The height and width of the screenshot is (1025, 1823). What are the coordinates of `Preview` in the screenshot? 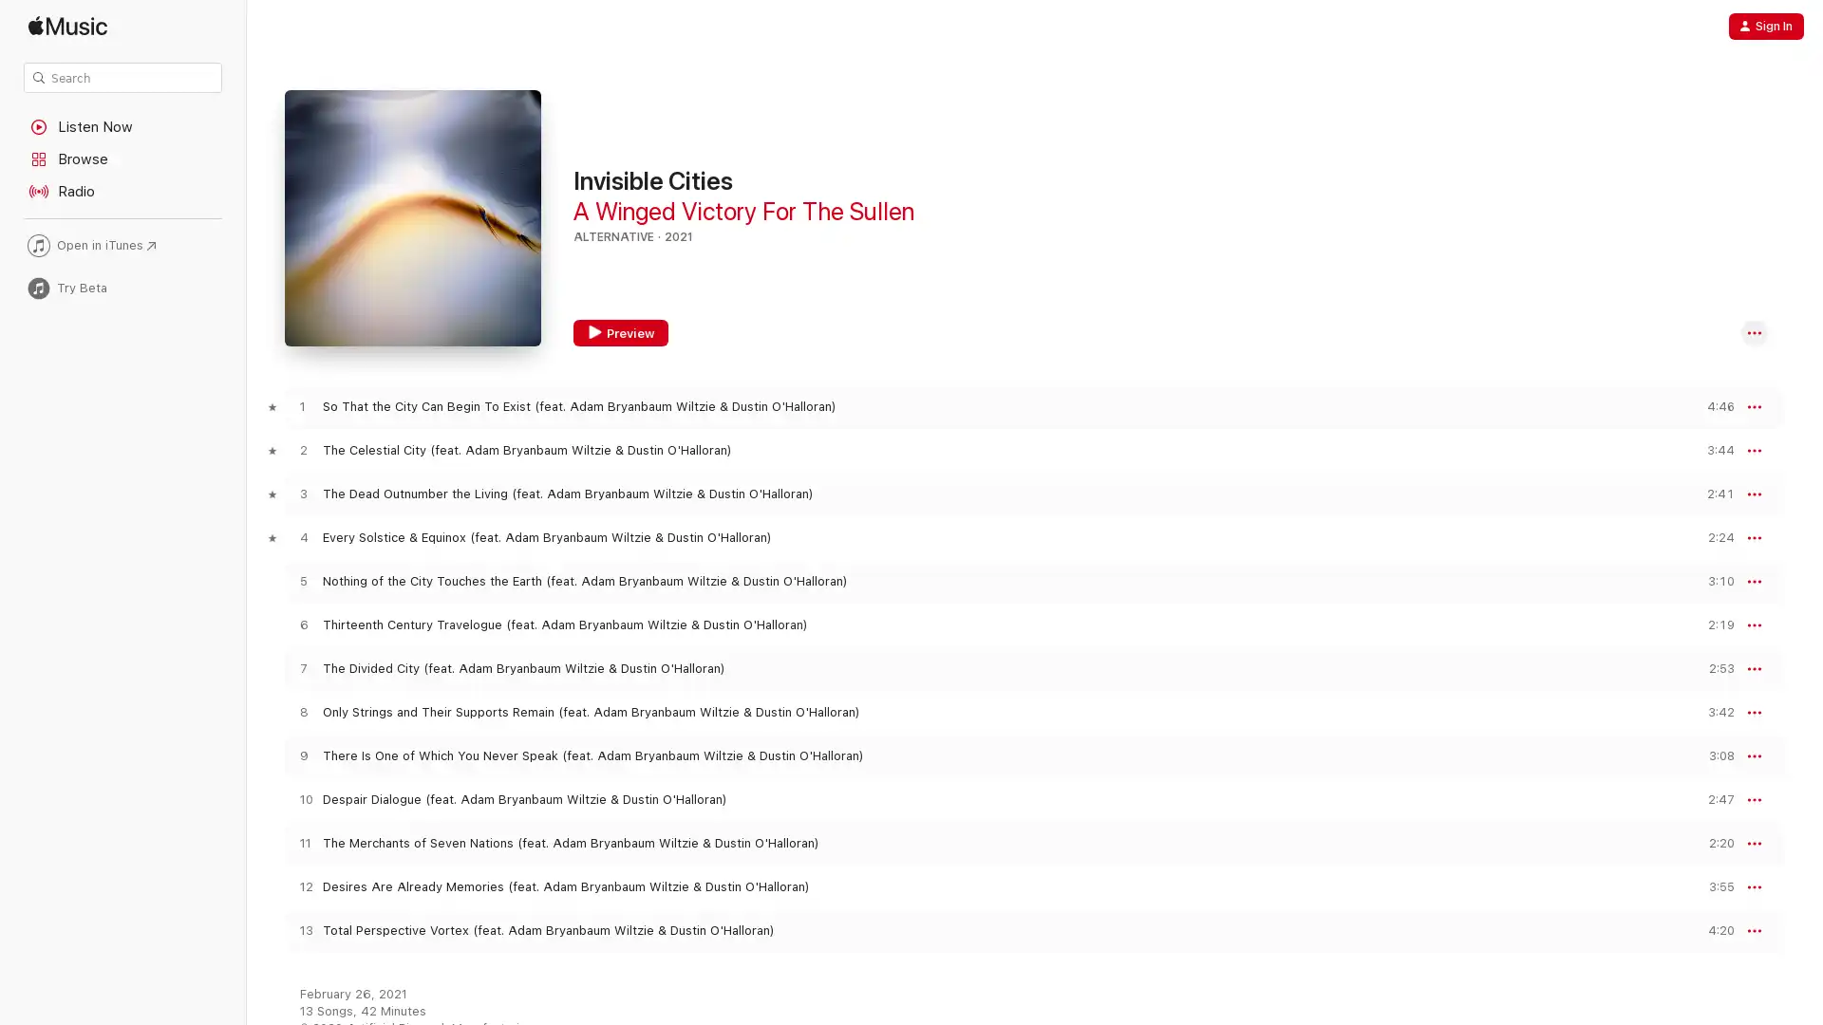 It's located at (1713, 450).